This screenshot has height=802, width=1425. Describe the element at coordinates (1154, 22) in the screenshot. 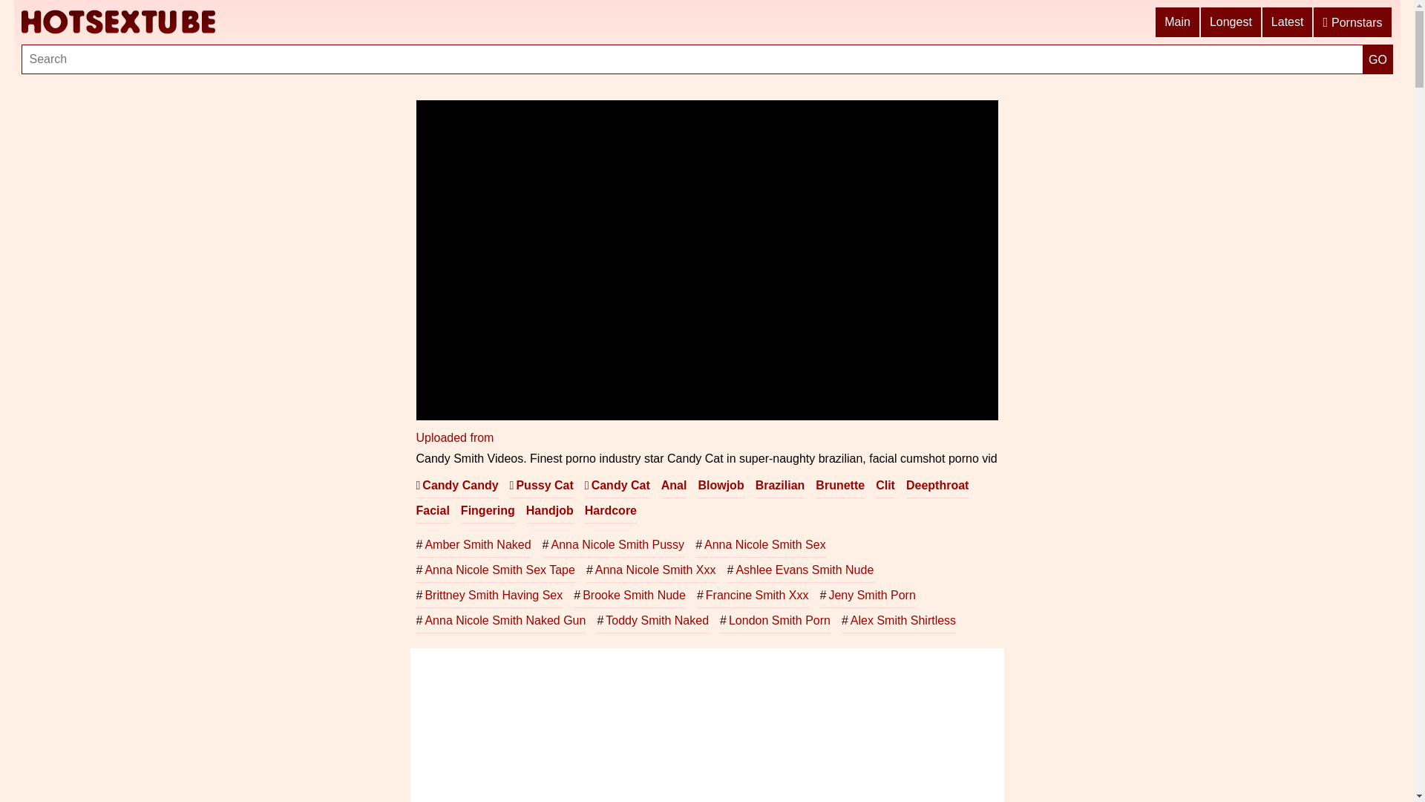

I see `'Main'` at that location.